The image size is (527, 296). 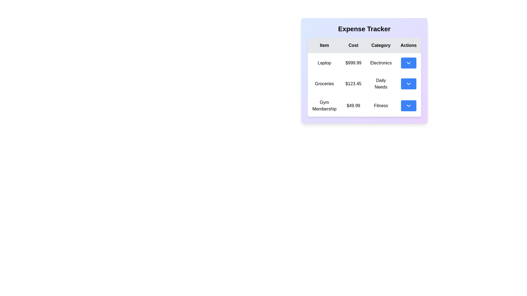 What do you see at coordinates (353, 84) in the screenshot?
I see `the static text label displaying the monetary value for 'Groceries' in the expense tracker table` at bounding box center [353, 84].